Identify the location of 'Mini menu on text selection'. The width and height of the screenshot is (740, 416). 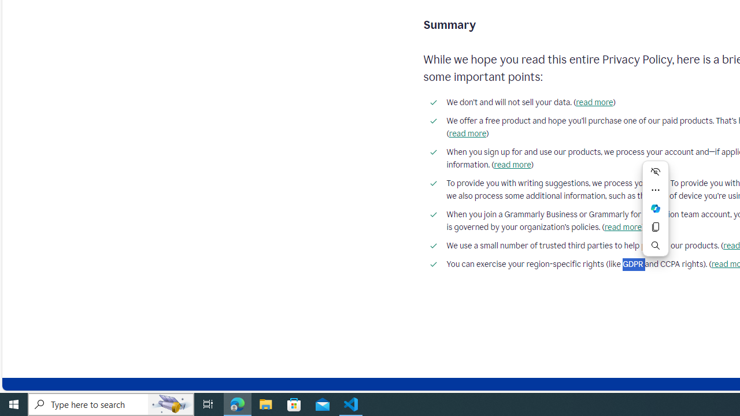
(656, 209).